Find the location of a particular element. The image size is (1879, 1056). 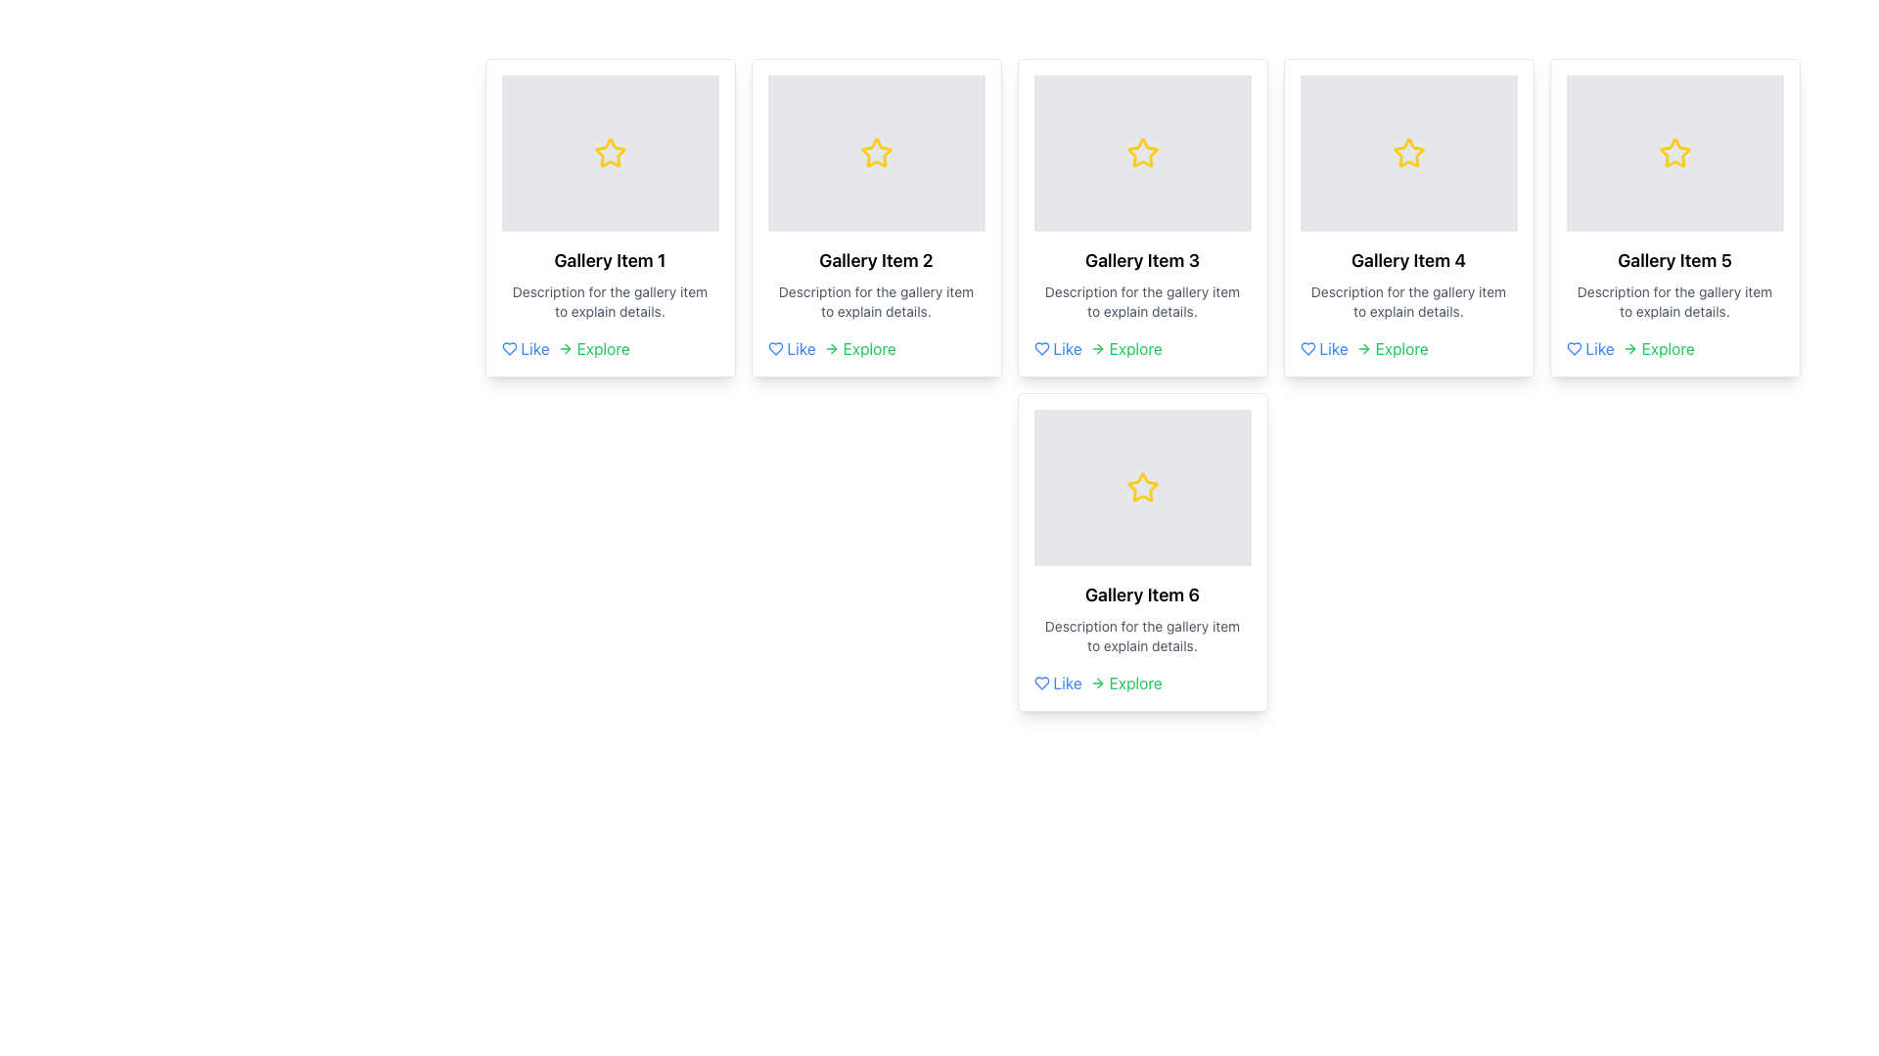

the heart-shaped like icon located in the bottom-left corner of the card displaying 'Gallery Item 4' is located at coordinates (1307, 348).